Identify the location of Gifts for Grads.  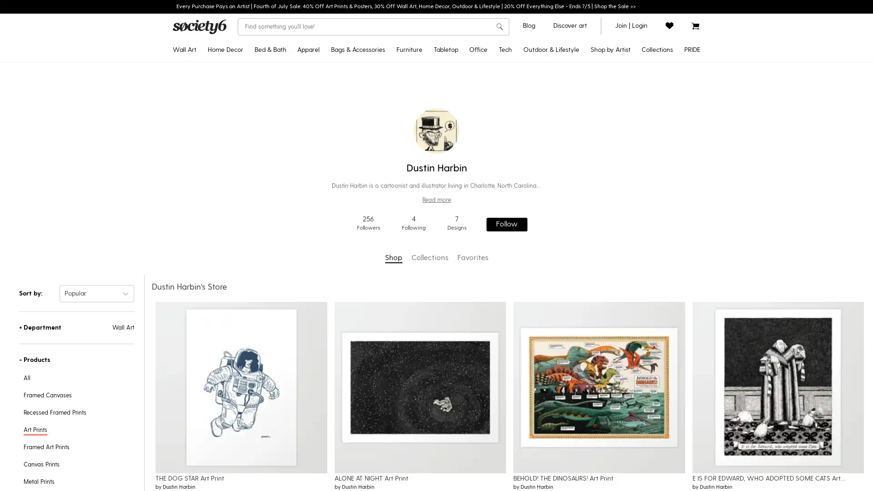
(623, 88).